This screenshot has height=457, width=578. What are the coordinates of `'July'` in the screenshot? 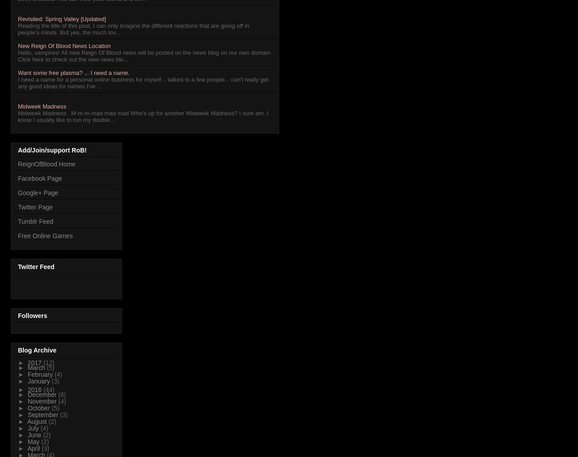 It's located at (34, 428).